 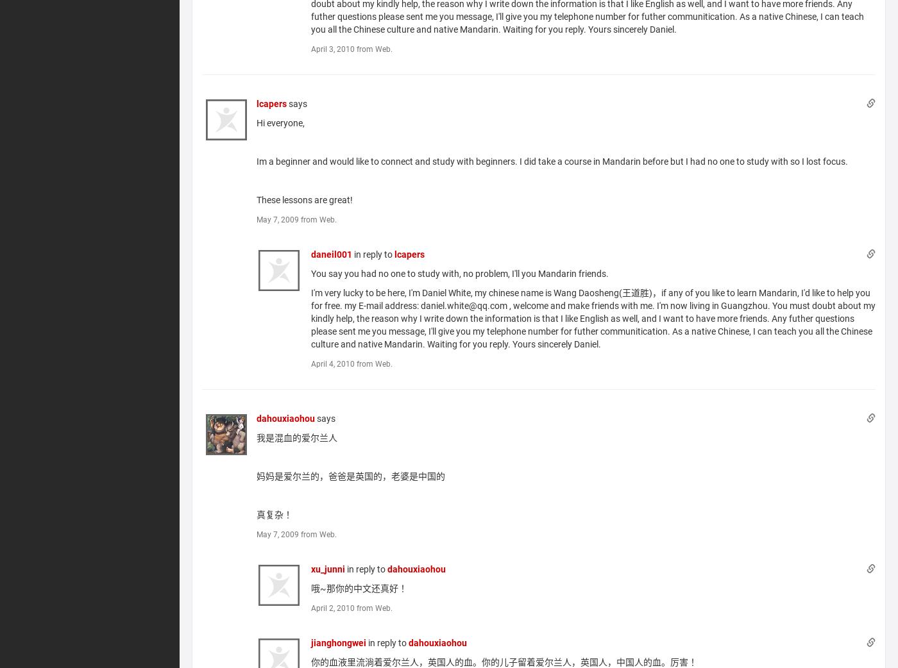 I want to click on 'You say you had no one to study with, no problem, I'll you Mandarin friends.', so click(x=459, y=272).